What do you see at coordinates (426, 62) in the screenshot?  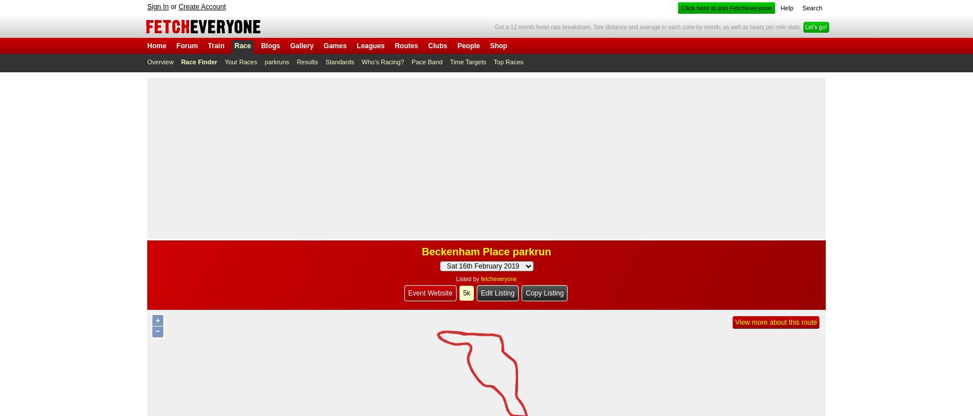 I see `'Pace Band'` at bounding box center [426, 62].